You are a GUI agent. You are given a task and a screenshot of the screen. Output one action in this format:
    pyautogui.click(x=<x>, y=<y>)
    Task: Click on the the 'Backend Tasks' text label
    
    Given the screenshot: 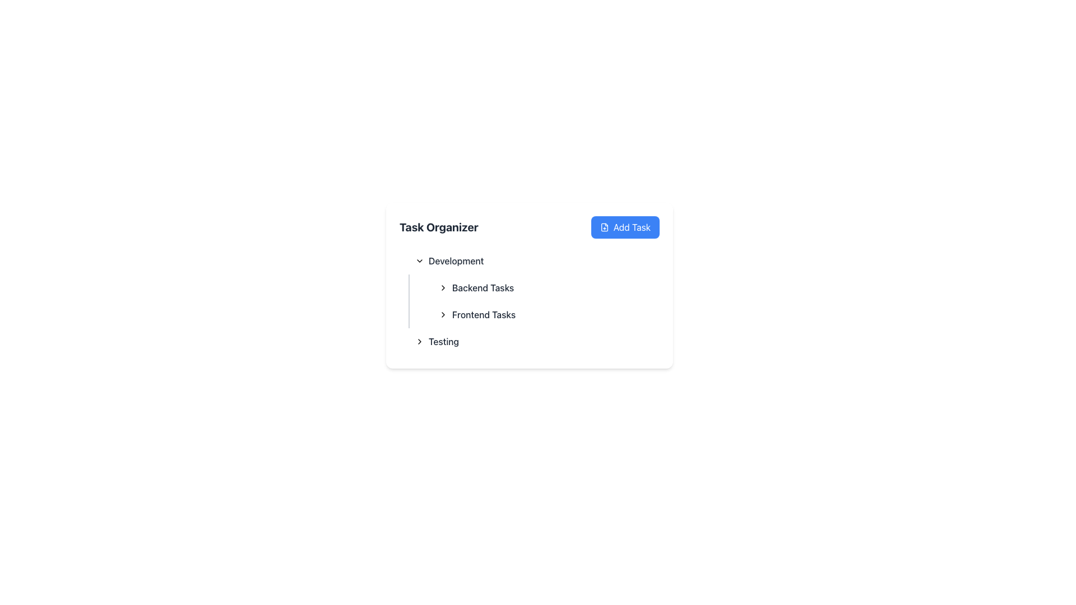 What is the action you would take?
    pyautogui.click(x=476, y=287)
    